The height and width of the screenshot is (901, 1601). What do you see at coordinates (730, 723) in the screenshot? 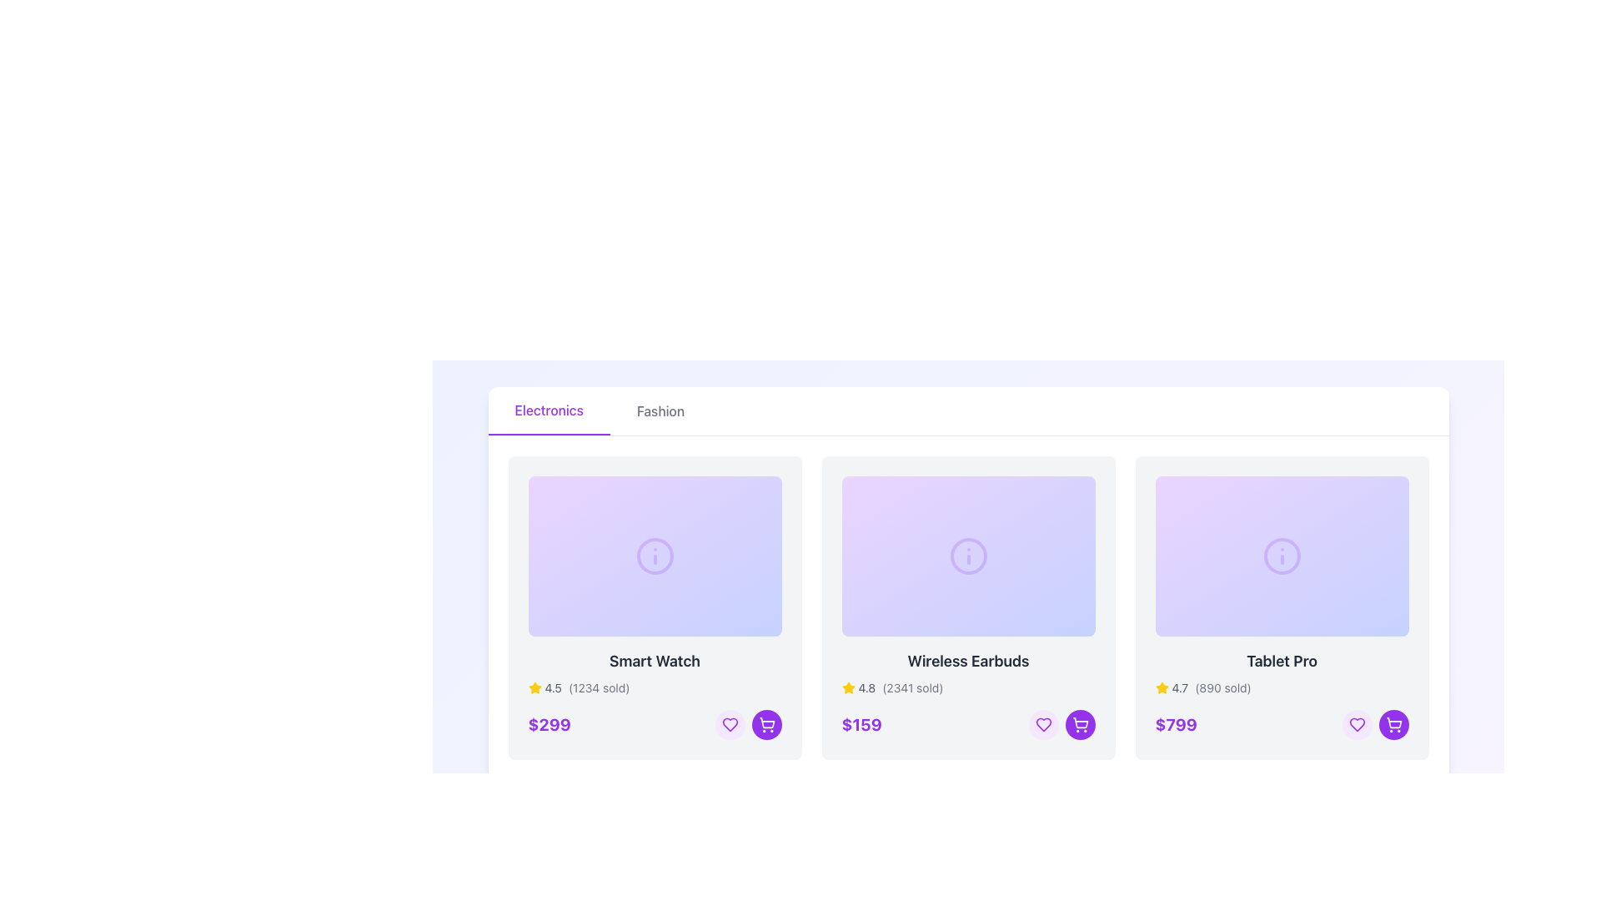
I see `the heart-shaped SVG icon styled as a button at the bottom-right corner of the 'Wireless Earbuds' card` at bounding box center [730, 723].